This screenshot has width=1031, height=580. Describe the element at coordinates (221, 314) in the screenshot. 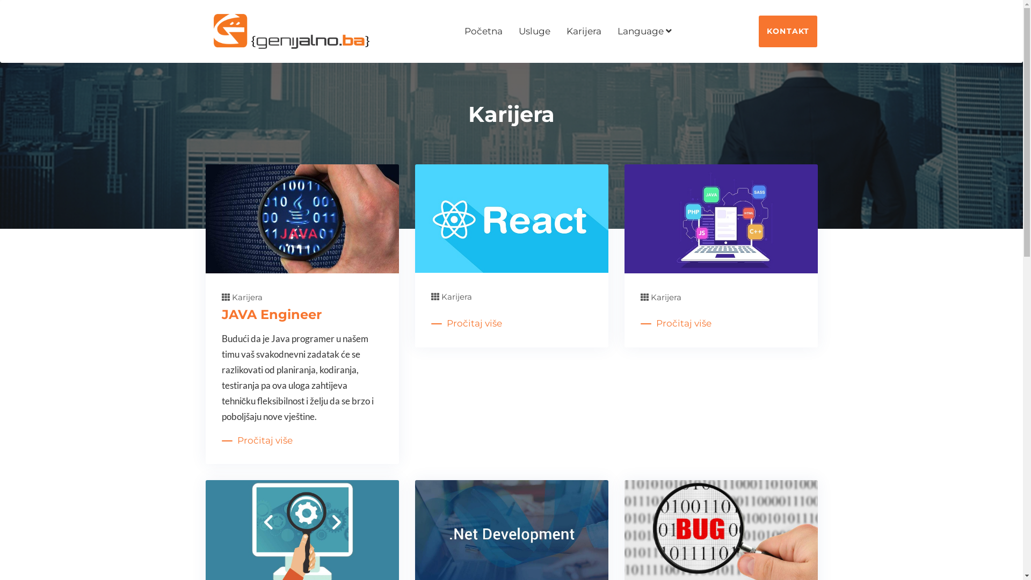

I see `'JAVA Engineer'` at that location.